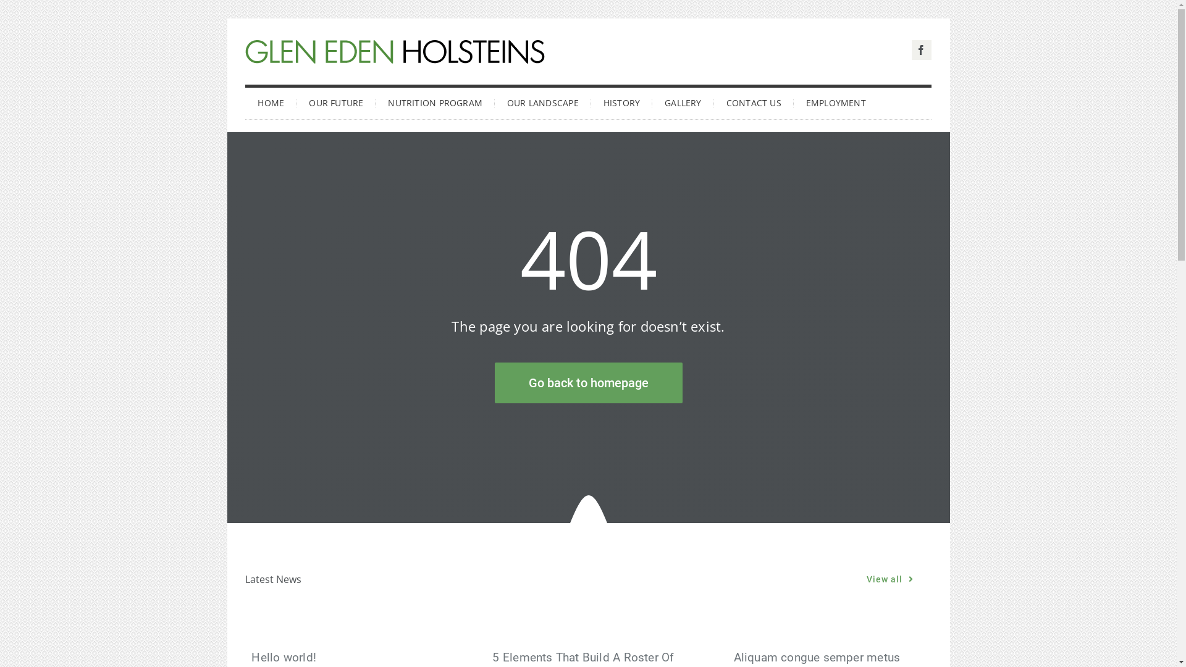 Image resolution: width=1186 pixels, height=667 pixels. What do you see at coordinates (542, 101) in the screenshot?
I see `'OUR LANDSCAPE'` at bounding box center [542, 101].